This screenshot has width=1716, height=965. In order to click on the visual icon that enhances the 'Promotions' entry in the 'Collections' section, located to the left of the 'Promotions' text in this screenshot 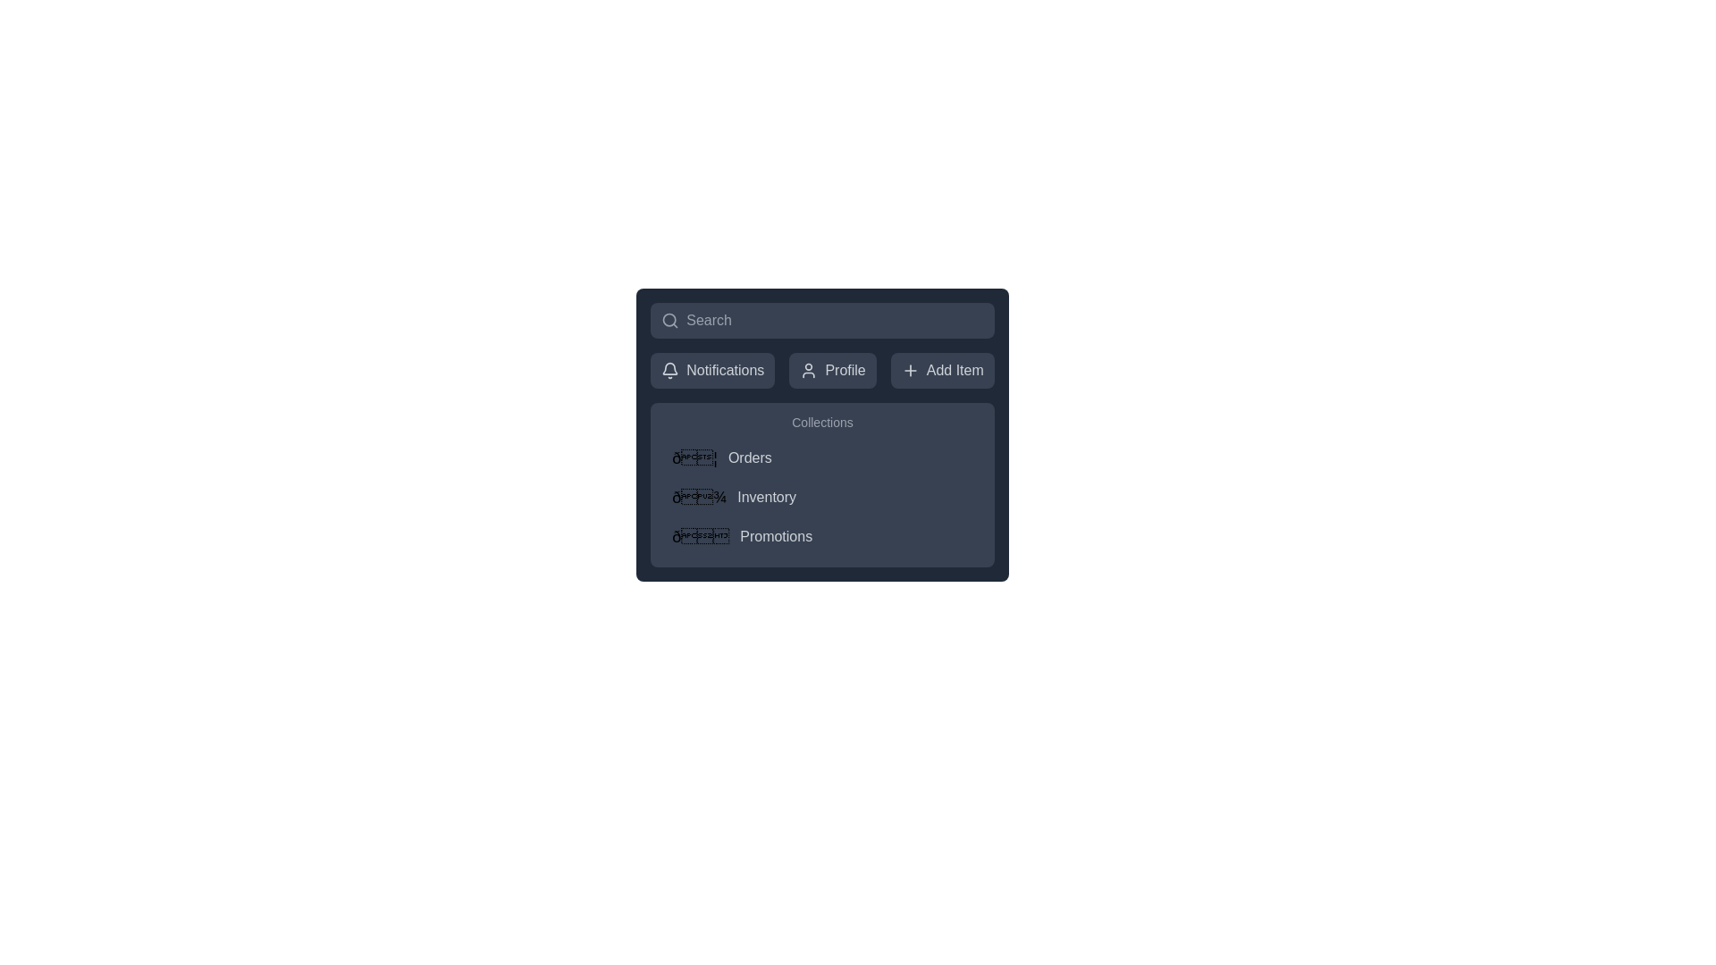, I will do `click(700, 536)`.